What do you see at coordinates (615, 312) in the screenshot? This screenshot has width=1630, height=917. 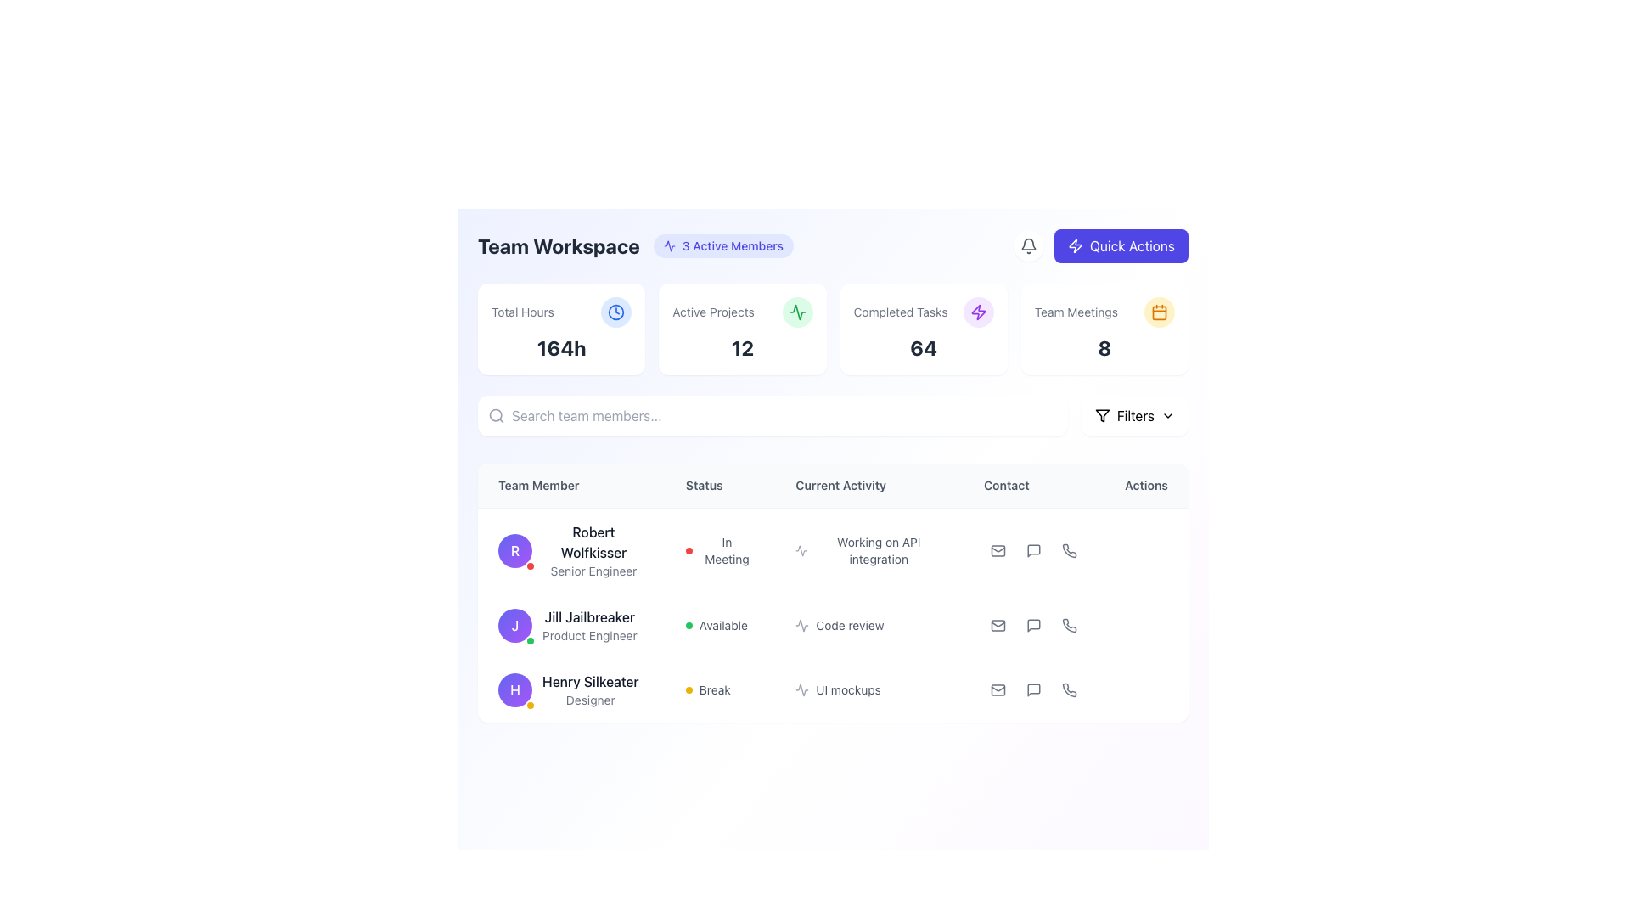 I see `the circular graphical component within the clock icon, which is part of the 'Total Hours' card in the dashboard, featuring a blue outer ring and a white inner field` at bounding box center [615, 312].